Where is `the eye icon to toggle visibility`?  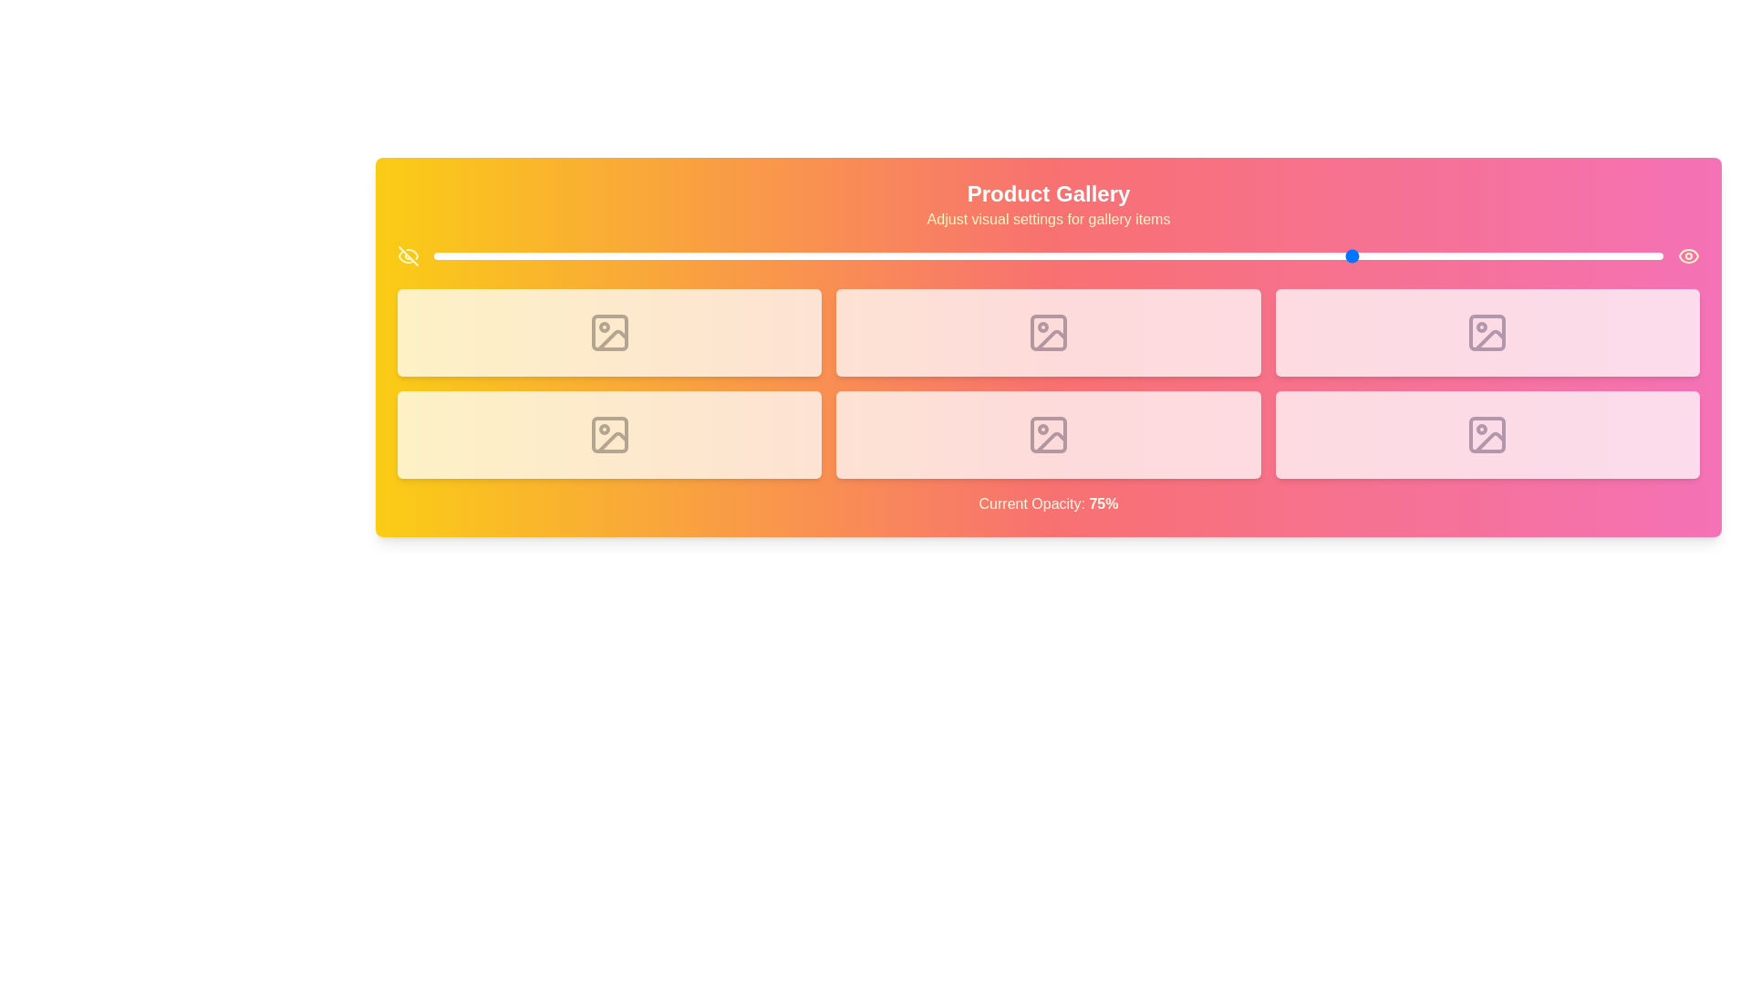 the eye icon to toggle visibility is located at coordinates (1688, 256).